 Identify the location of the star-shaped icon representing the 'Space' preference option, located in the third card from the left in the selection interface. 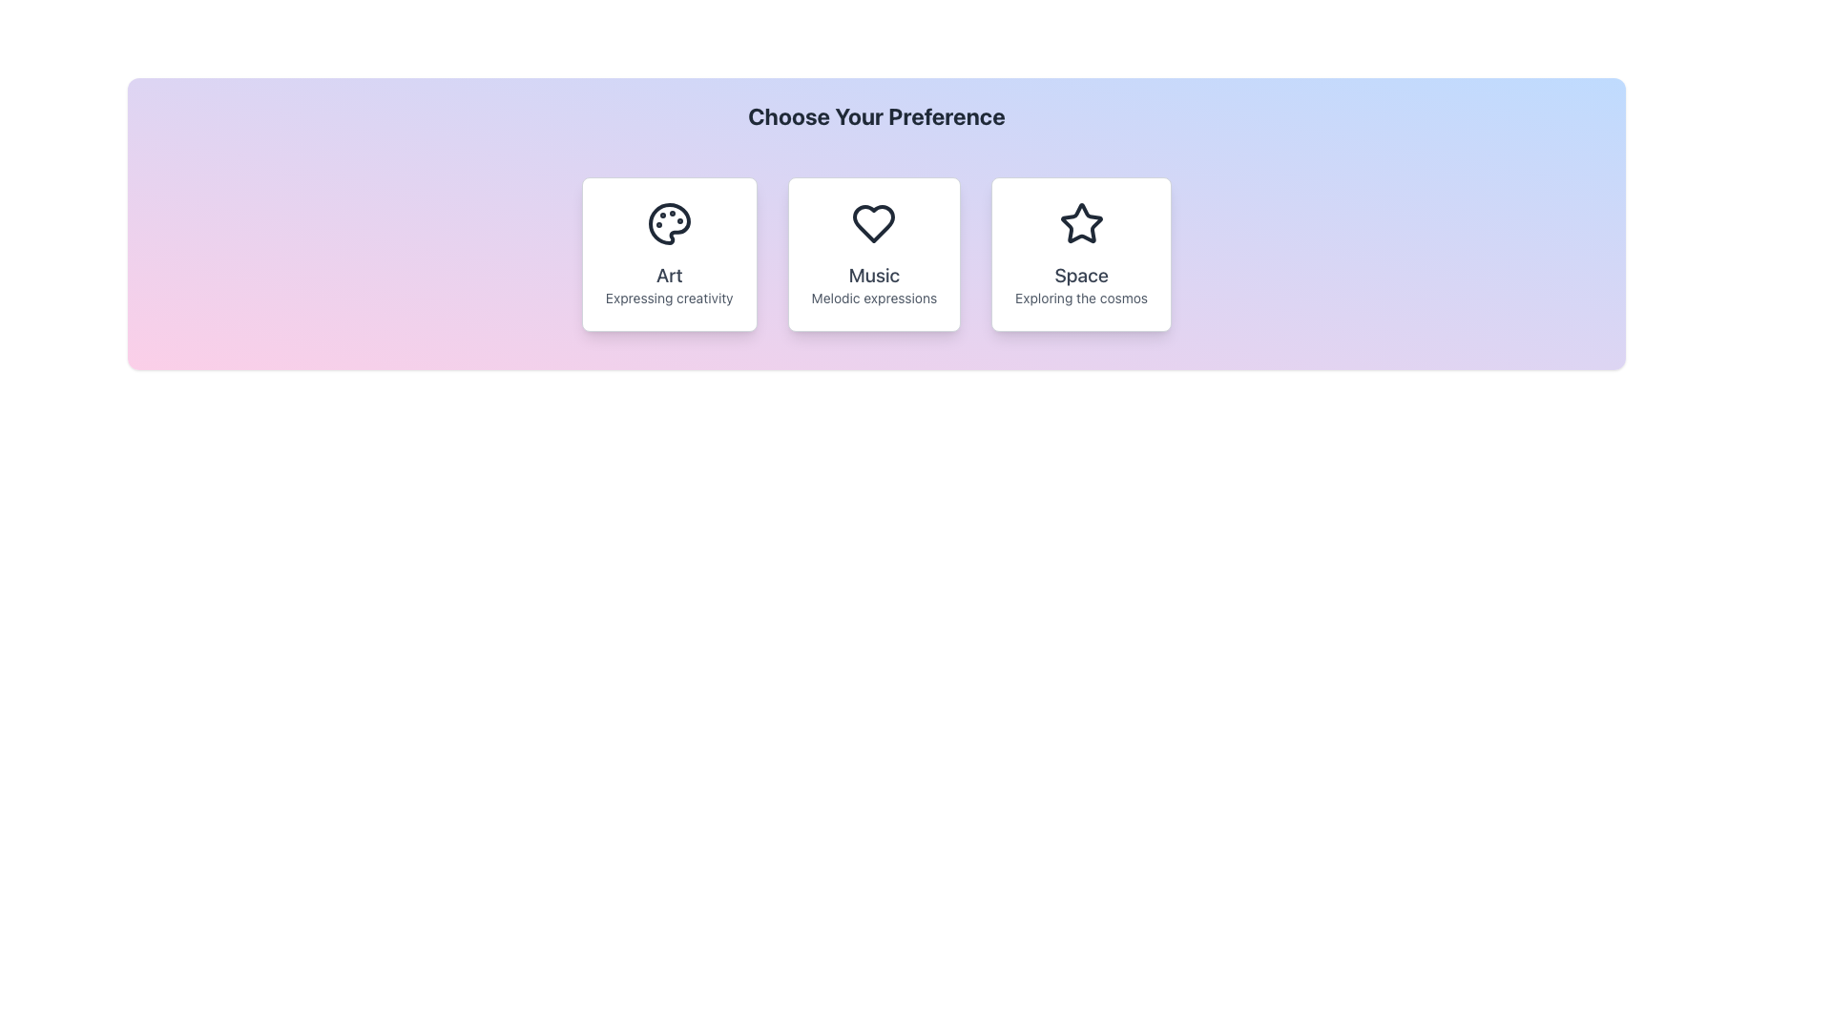
(1081, 222).